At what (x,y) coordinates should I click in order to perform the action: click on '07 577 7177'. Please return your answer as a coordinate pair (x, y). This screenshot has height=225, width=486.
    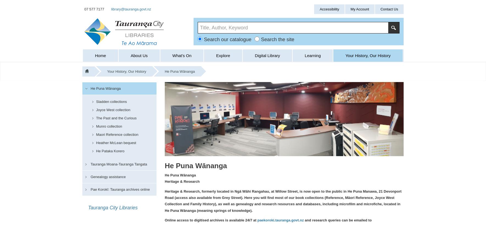
    Looking at the image, I should click on (95, 9).